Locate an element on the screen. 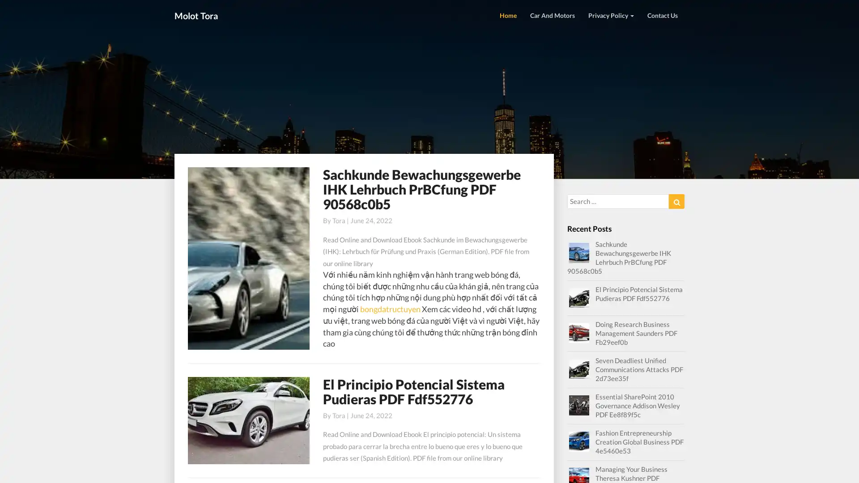 This screenshot has width=859, height=483. Search is located at coordinates (676, 201).